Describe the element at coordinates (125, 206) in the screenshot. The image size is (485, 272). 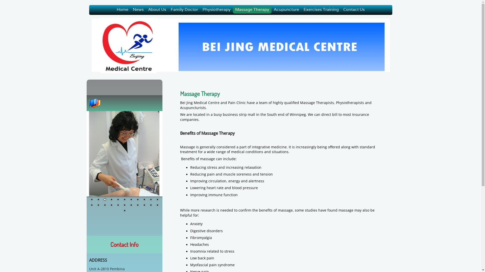
I see `'17'` at that location.